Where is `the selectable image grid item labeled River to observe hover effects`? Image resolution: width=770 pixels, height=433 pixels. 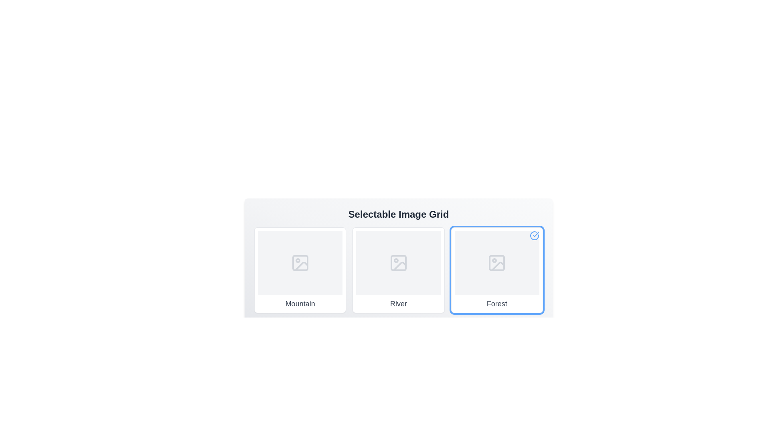
the selectable image grid item labeled River to observe hover effects is located at coordinates (398, 270).